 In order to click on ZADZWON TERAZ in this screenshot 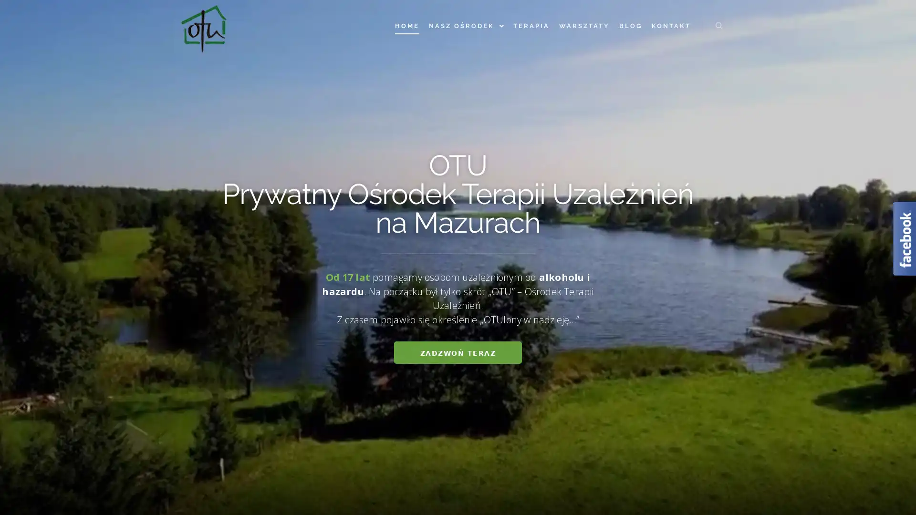, I will do `click(457, 352)`.